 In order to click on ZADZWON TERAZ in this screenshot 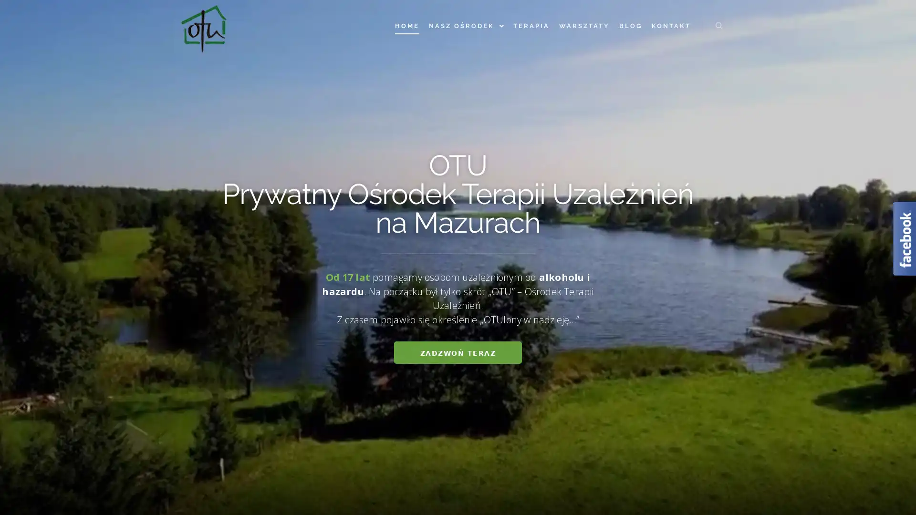, I will do `click(457, 352)`.